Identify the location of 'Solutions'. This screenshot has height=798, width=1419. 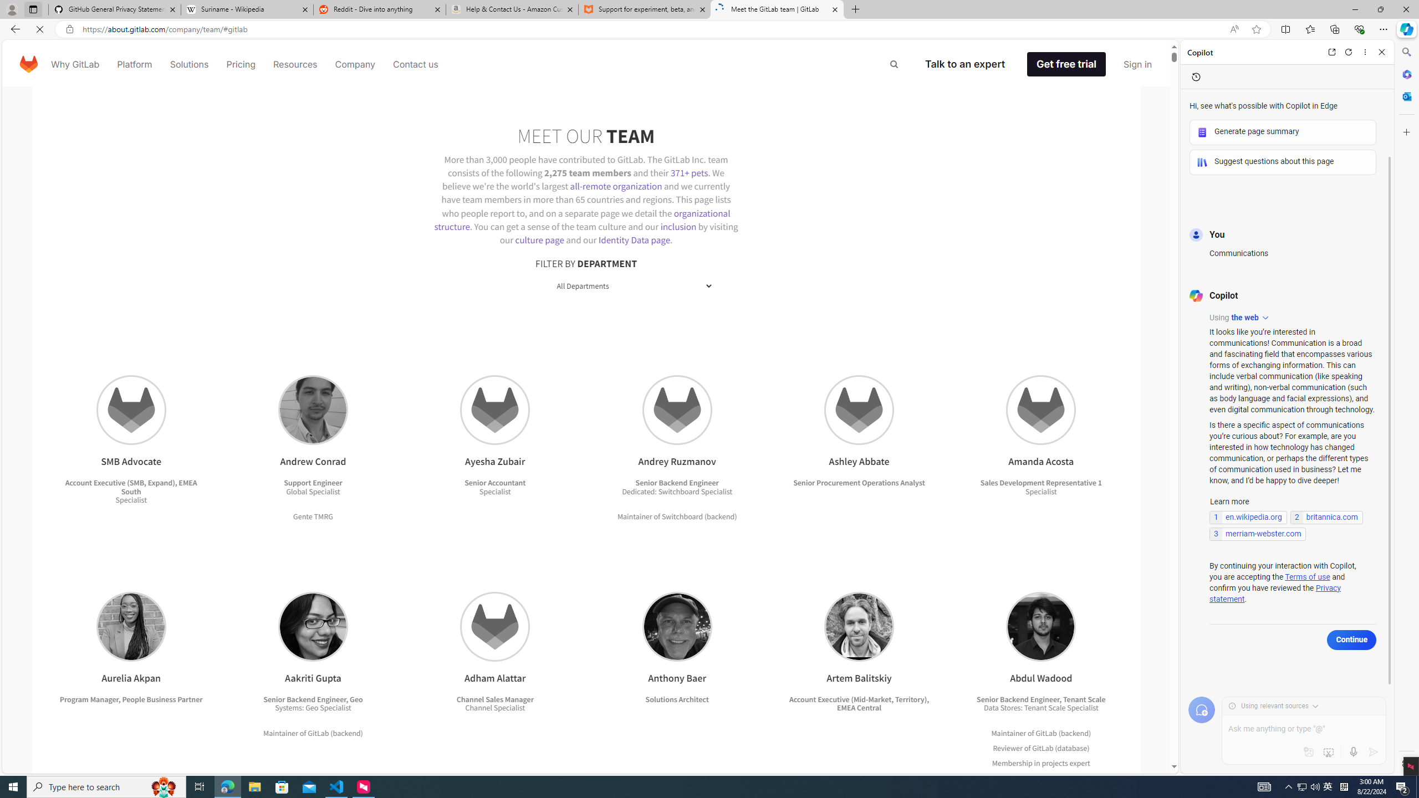
(188, 63).